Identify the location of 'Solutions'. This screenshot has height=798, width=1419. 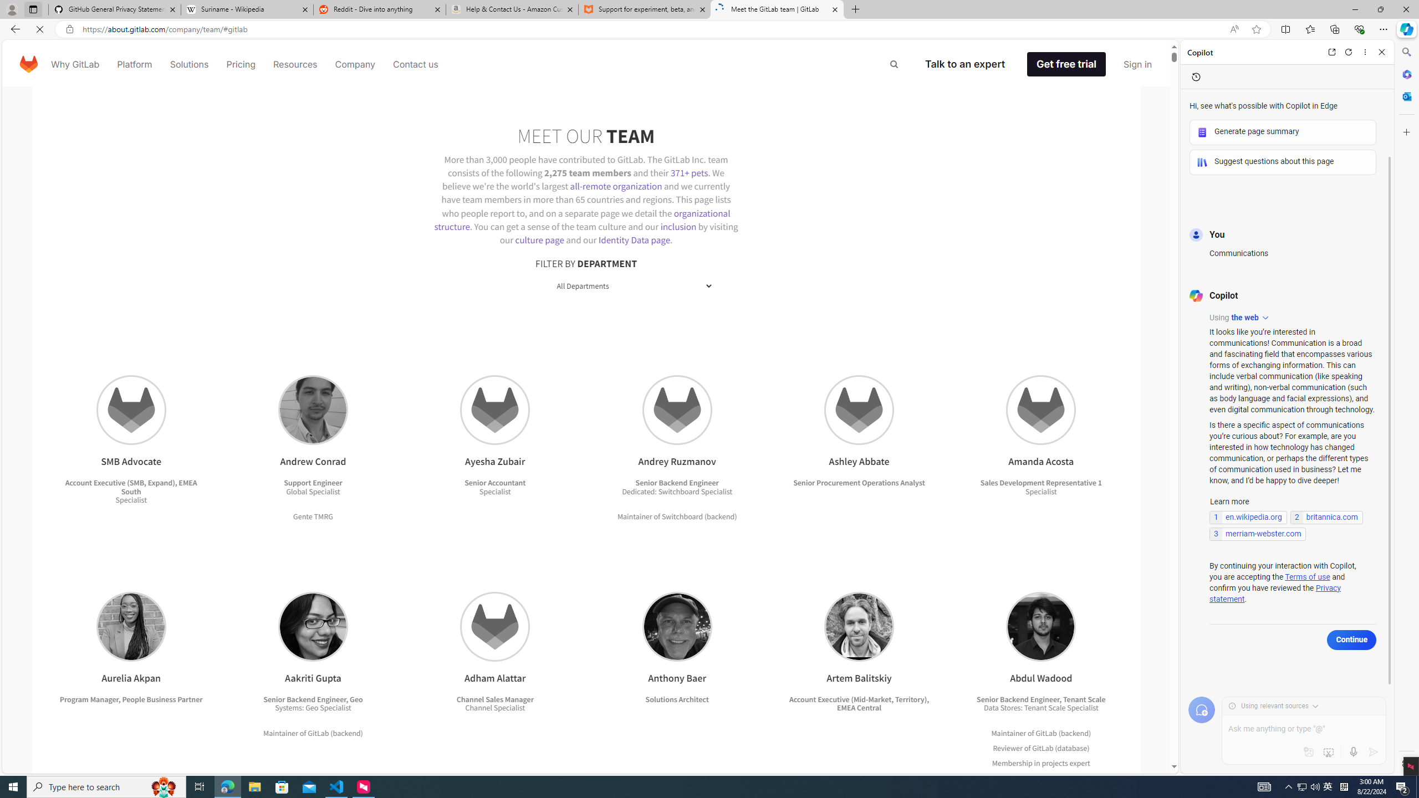
(188, 63).